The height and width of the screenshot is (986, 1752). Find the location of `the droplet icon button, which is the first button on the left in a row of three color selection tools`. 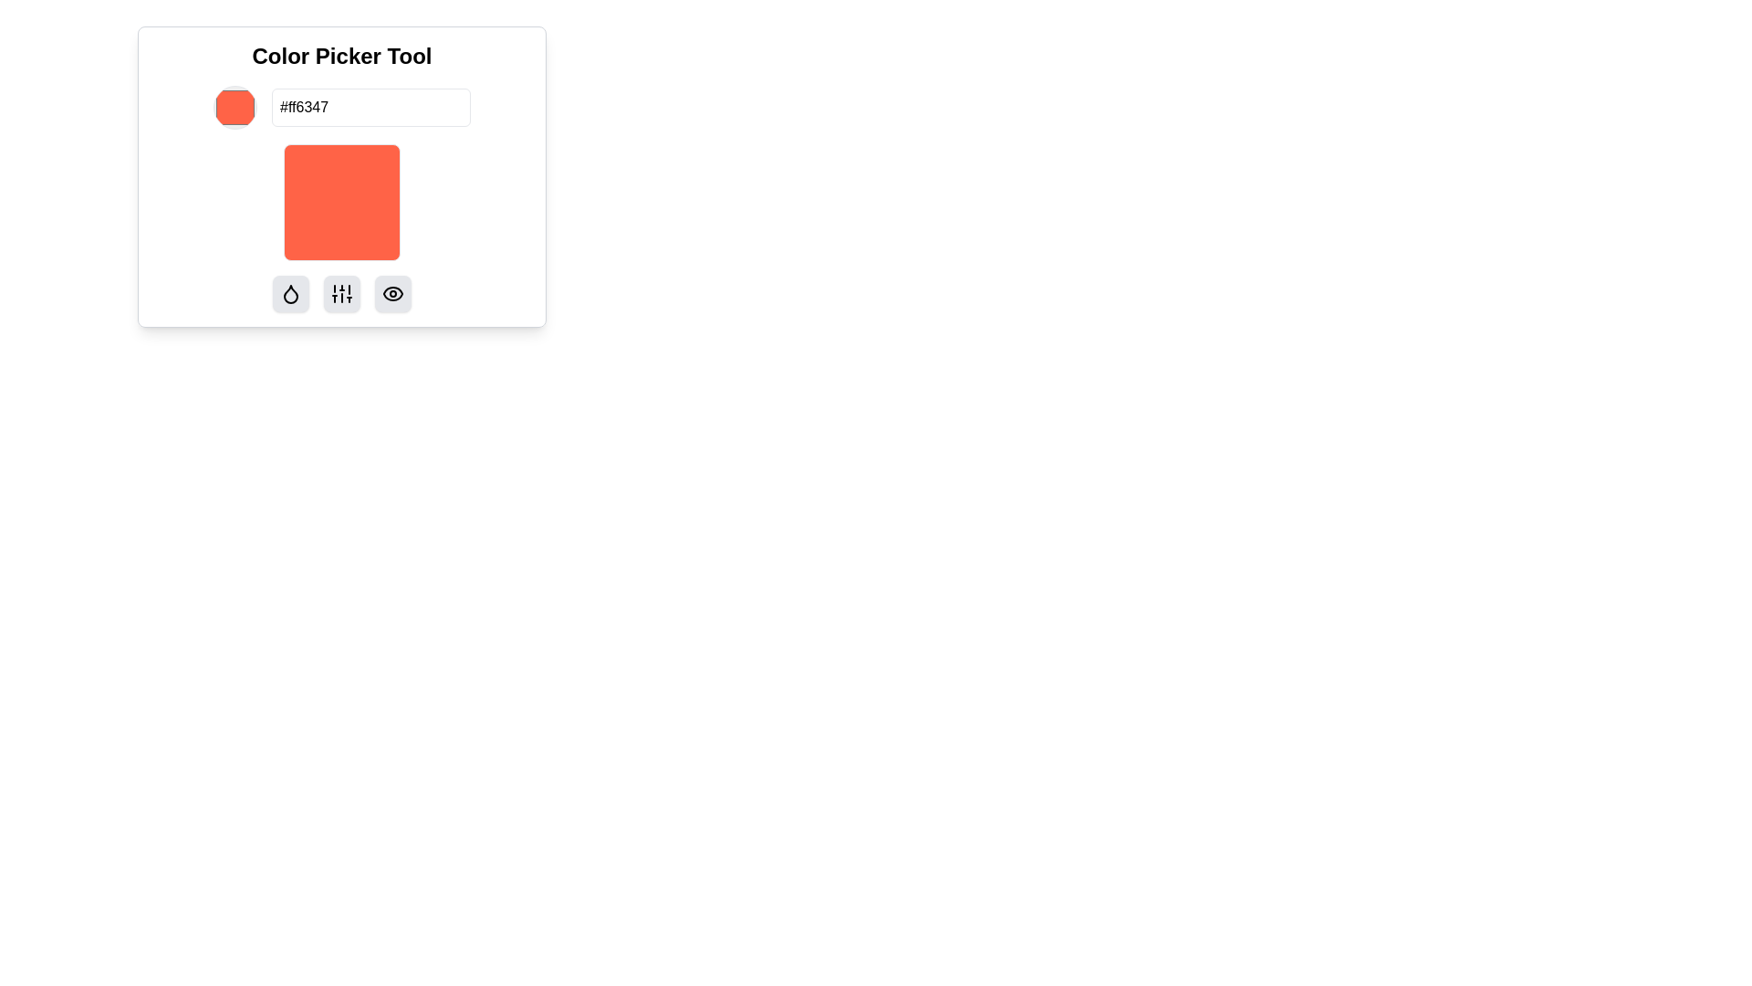

the droplet icon button, which is the first button on the left in a row of three color selection tools is located at coordinates (289, 292).